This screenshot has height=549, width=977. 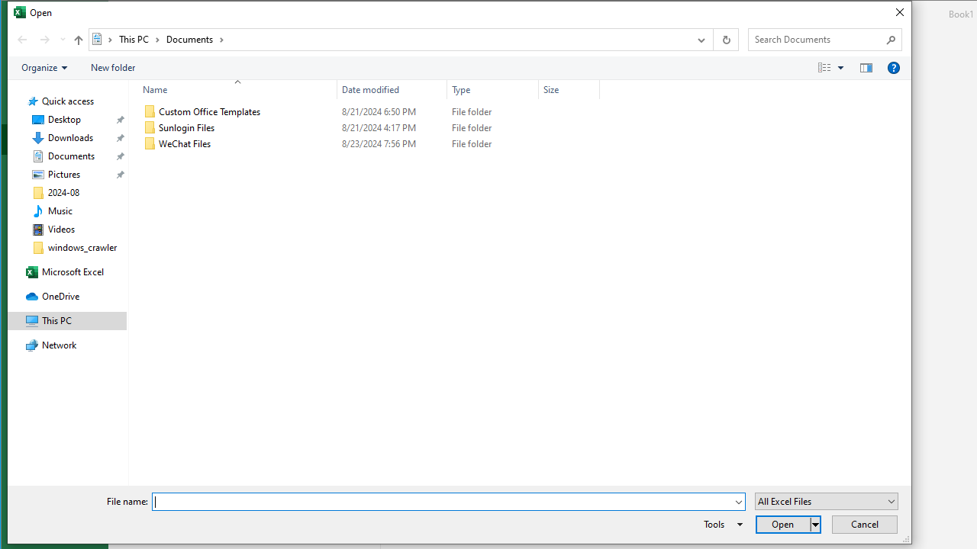 What do you see at coordinates (21, 38) in the screenshot?
I see `'Back (Alt + Left Arrow)'` at bounding box center [21, 38].